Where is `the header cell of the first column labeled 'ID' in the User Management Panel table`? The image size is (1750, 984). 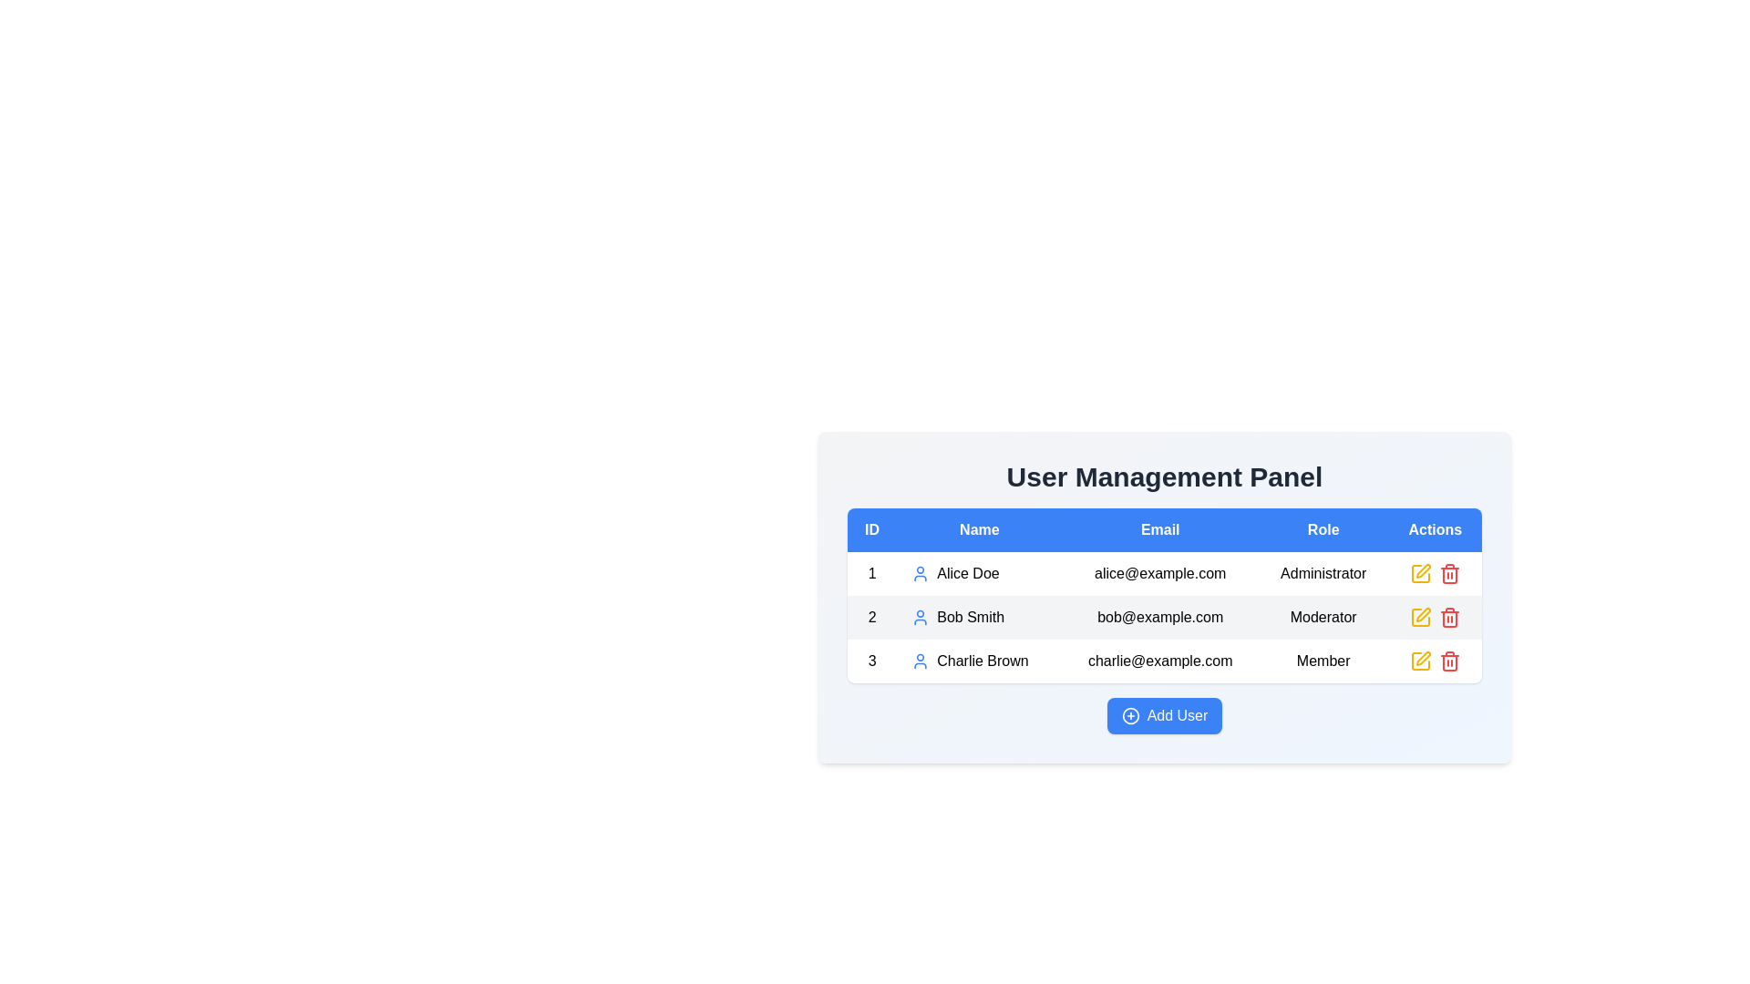 the header cell of the first column labeled 'ID' in the User Management Panel table is located at coordinates (871, 530).